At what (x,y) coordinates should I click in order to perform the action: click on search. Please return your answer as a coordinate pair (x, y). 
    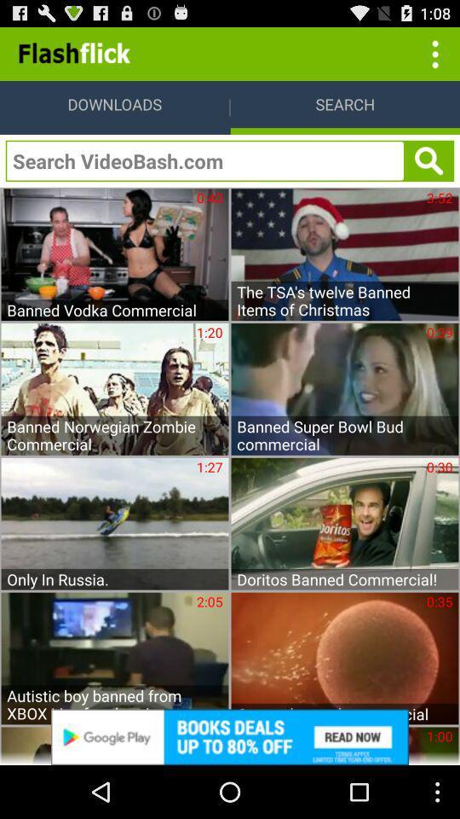
    Looking at the image, I should click on (204, 160).